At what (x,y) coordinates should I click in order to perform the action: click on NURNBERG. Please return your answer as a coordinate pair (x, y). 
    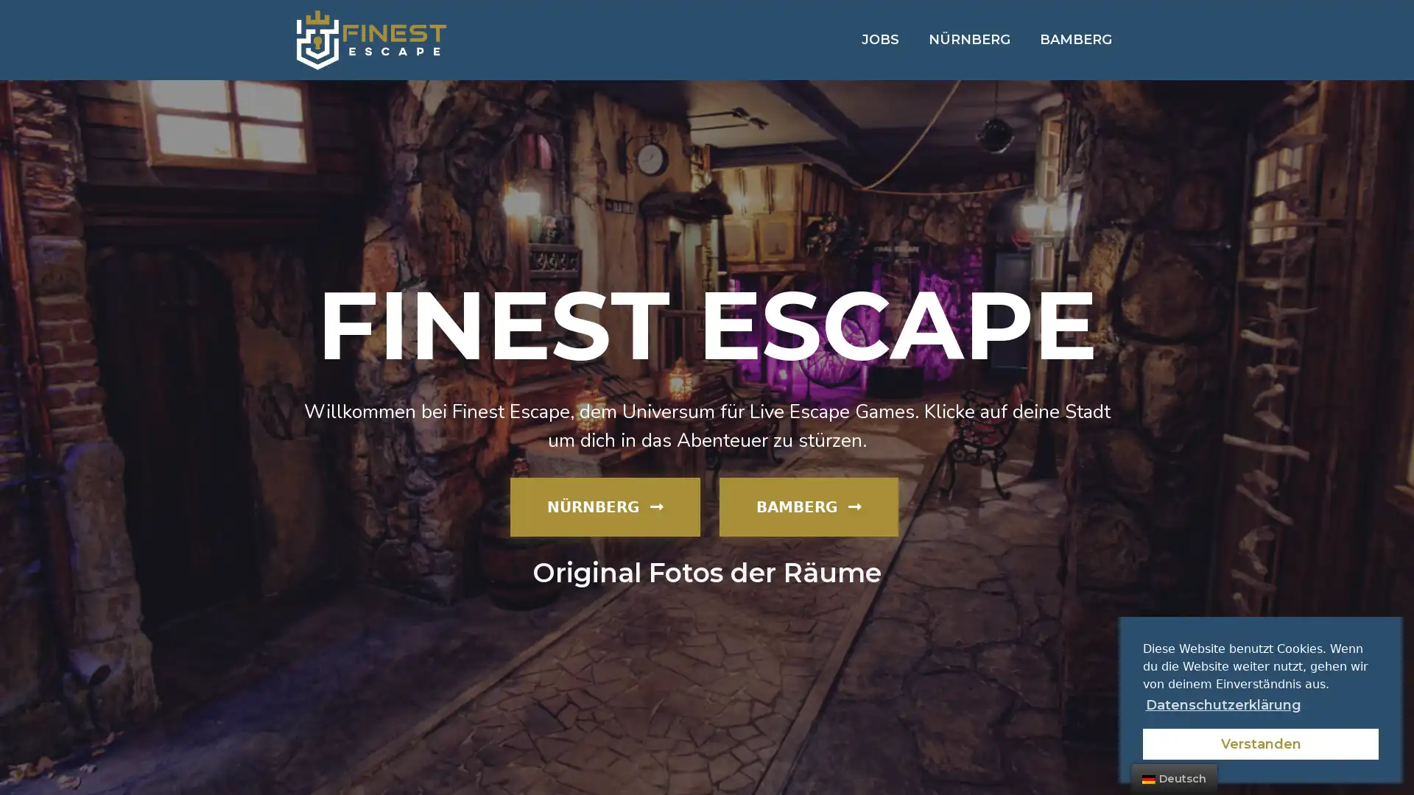
    Looking at the image, I should click on (605, 505).